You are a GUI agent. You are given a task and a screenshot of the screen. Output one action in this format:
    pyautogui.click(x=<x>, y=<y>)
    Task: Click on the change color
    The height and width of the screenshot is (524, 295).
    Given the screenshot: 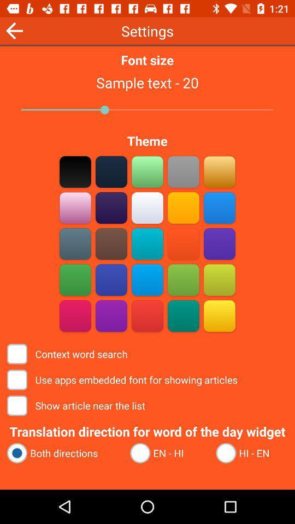 What is the action you would take?
    pyautogui.click(x=183, y=207)
    